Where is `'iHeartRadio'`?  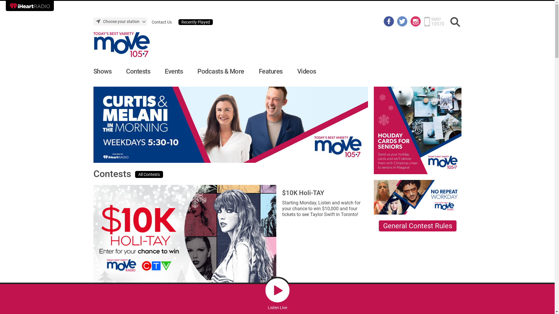
'iHeartRadio' is located at coordinates (29, 6).